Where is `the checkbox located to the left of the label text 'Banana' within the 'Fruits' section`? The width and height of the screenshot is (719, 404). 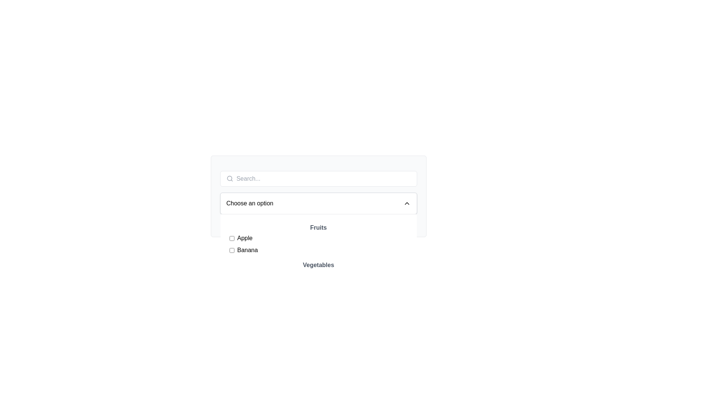
the checkbox located to the left of the label text 'Banana' within the 'Fruits' section is located at coordinates (231, 250).